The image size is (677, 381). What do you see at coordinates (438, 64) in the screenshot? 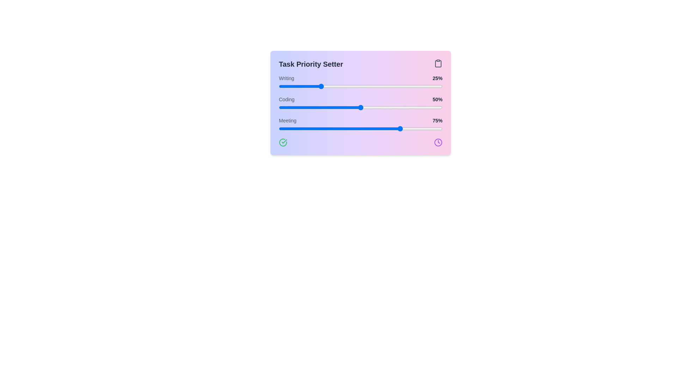
I see `the clipboard icon to trigger its functionality` at bounding box center [438, 64].